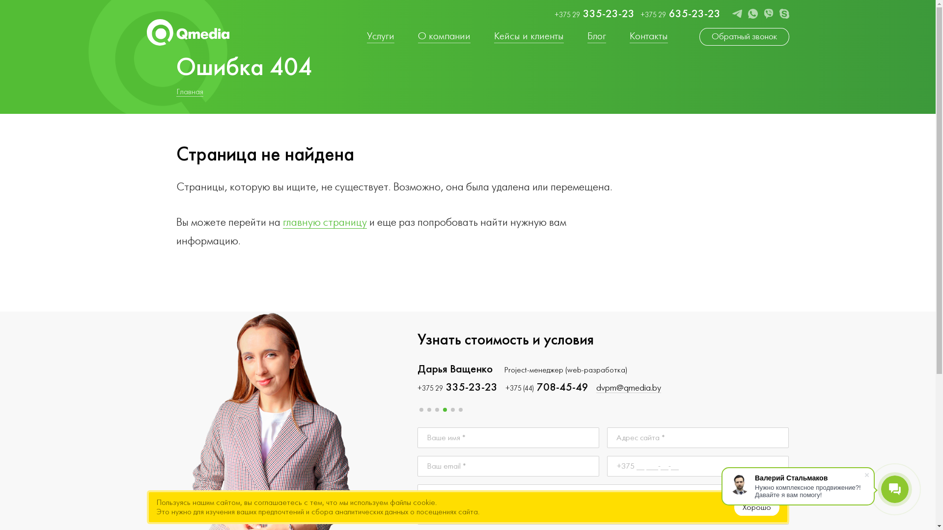 The image size is (943, 530). I want to click on '+375 29 335-23-23', so click(545, 387).